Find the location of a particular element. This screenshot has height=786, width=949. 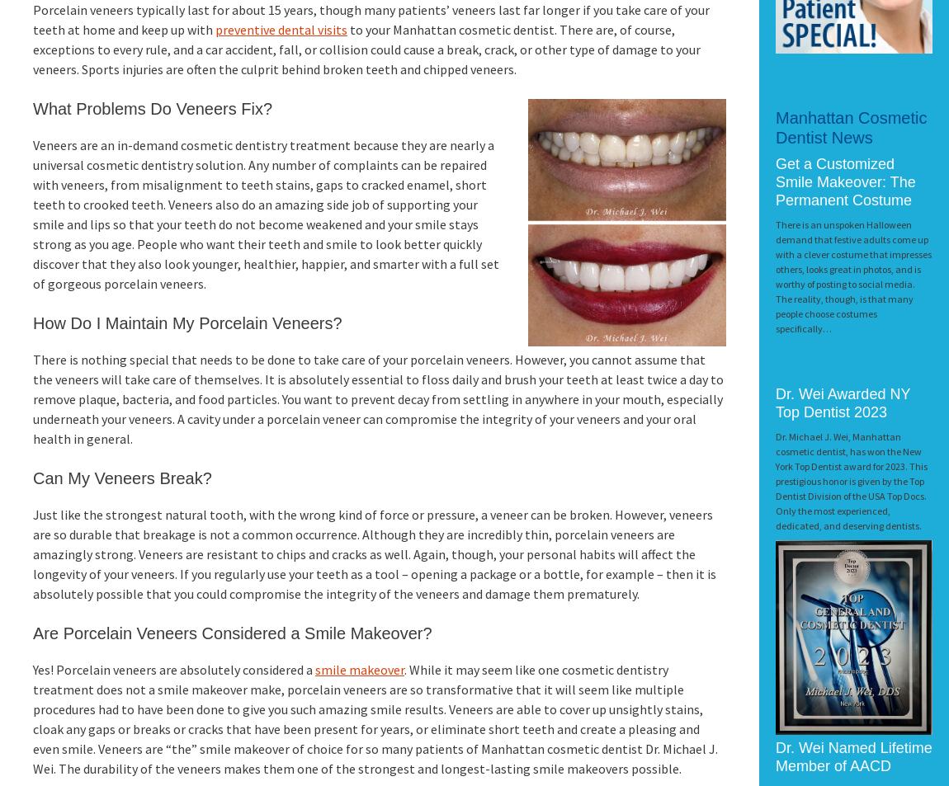

'Veneers are an in-demand cosmetic dentistry treatment because they are nearly a universal cosmetic dentistry solution. Any number of complaints can be repaired with veneers, from misalignment to teeth stains, gaps to cracked enamel, short teeth to crooked teeth. Veneers also do an amazing side job of supporting your smile and lips so that your teeth do not become weakened and your smile stays strong as you age. People who want their teeth and smile to look better quickly discover that they also look younger, healthier, happier, and smarter with a full set of gorgeous porcelain veneers.' is located at coordinates (266, 213).